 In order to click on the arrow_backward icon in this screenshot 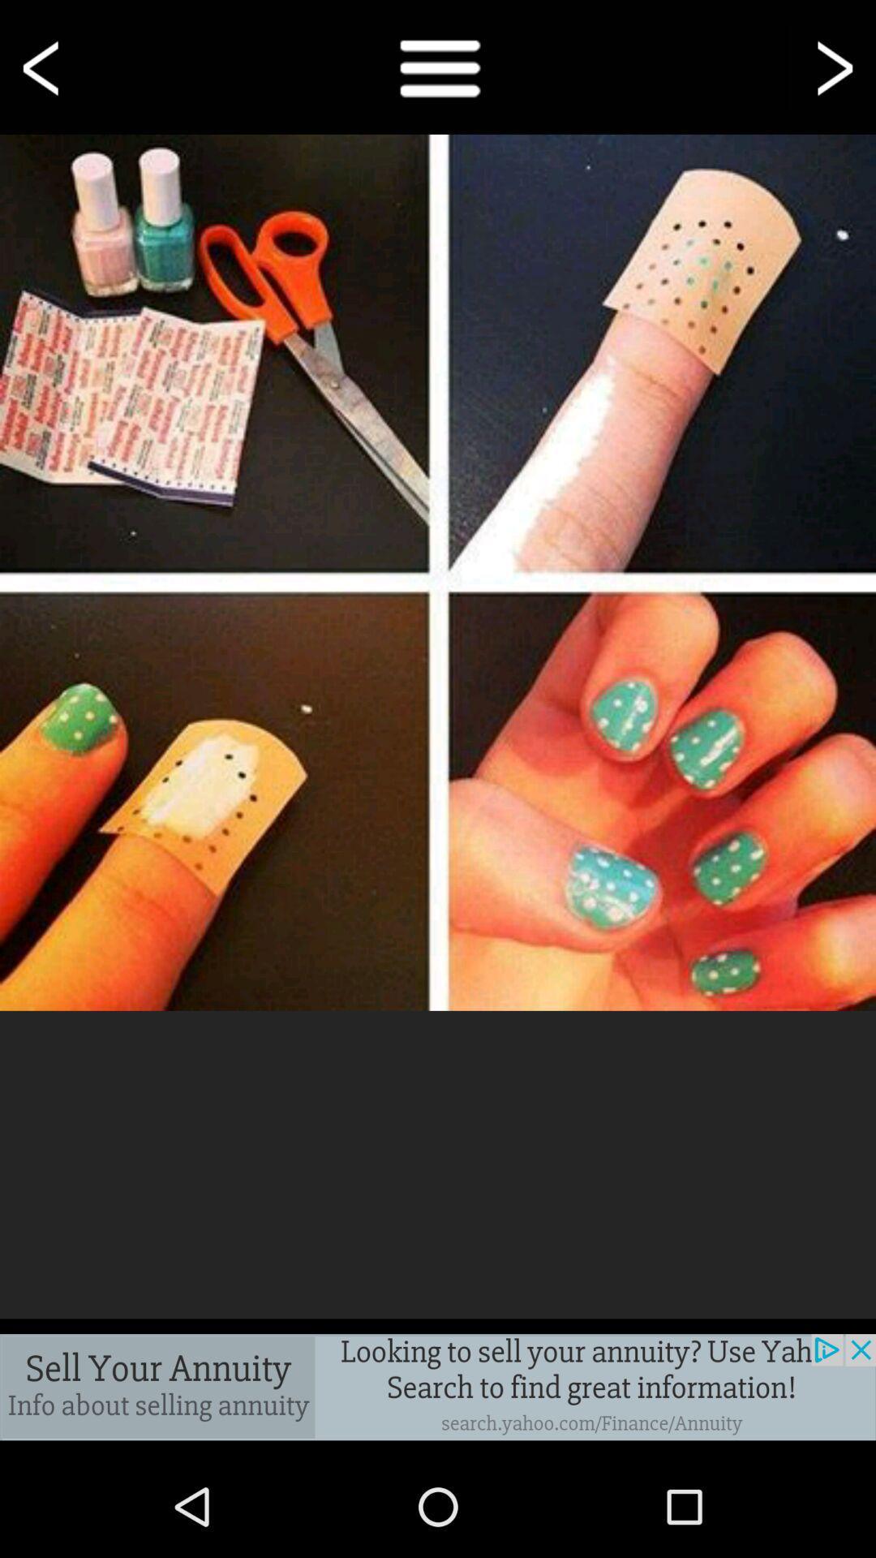, I will do `click(43, 71)`.